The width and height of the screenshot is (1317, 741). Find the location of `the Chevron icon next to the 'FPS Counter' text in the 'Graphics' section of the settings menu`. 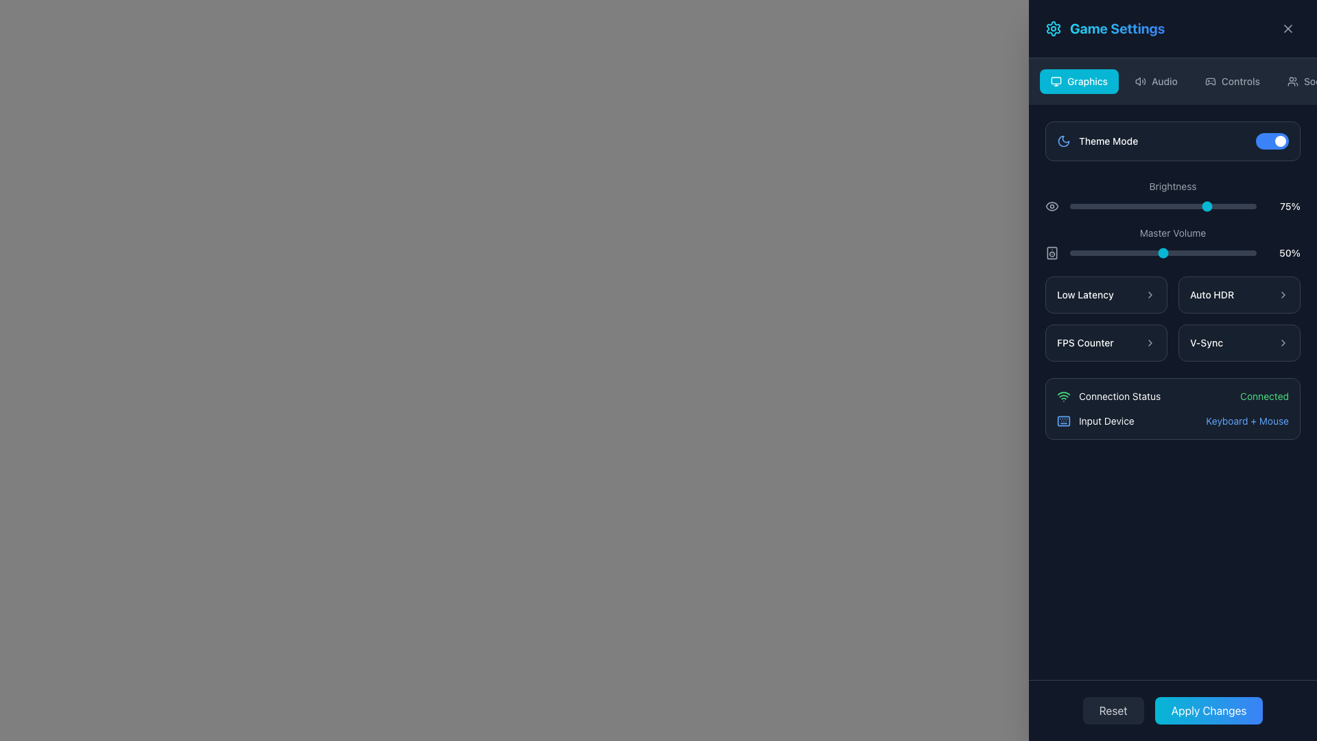

the Chevron icon next to the 'FPS Counter' text in the 'Graphics' section of the settings menu is located at coordinates (1150, 342).